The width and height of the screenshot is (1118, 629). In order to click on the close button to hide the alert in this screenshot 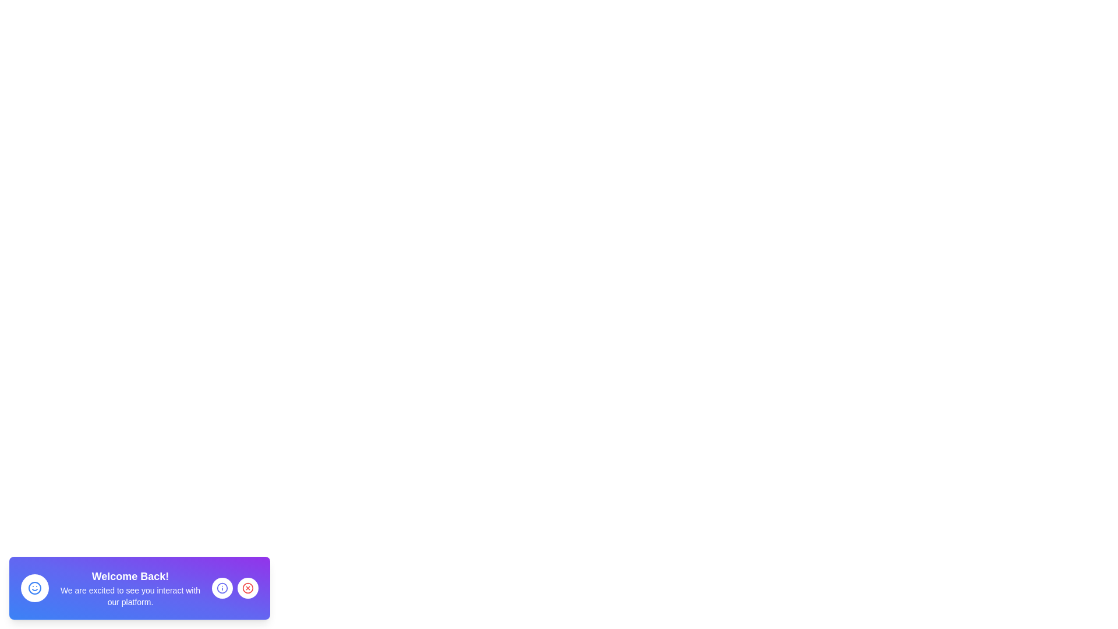, I will do `click(247, 588)`.